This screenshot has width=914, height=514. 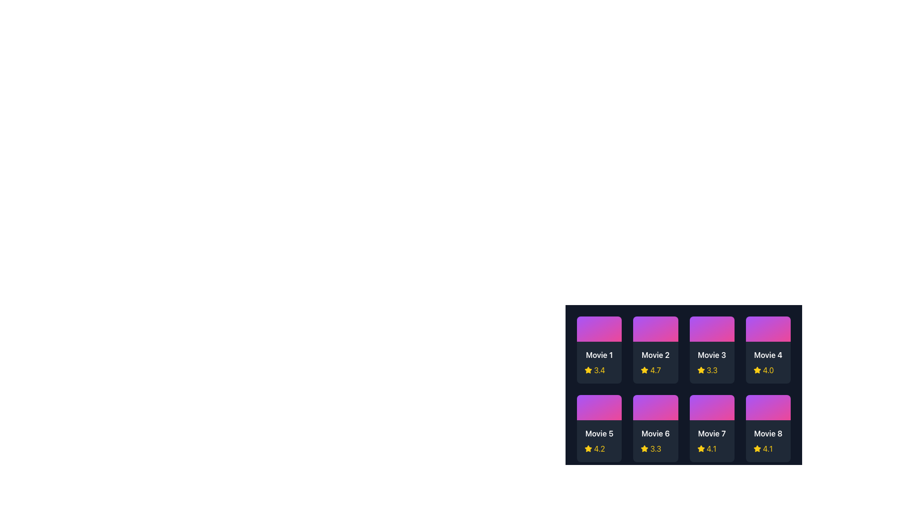 What do you see at coordinates (655, 370) in the screenshot?
I see `rating value displayed for 'Movie 2,' located beneath its title in the second column of the first row of the grid layout` at bounding box center [655, 370].